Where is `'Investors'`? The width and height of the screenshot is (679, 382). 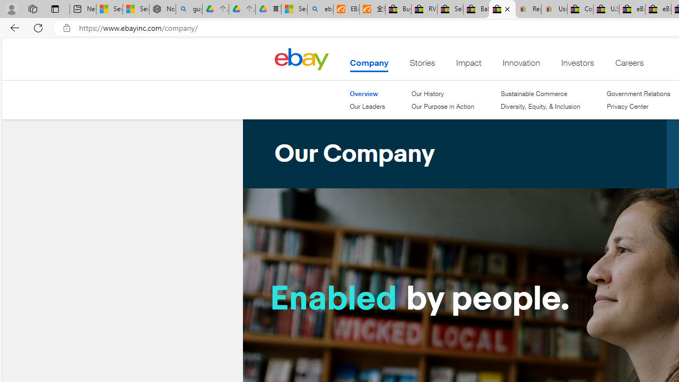
'Investors' is located at coordinates (577, 65).